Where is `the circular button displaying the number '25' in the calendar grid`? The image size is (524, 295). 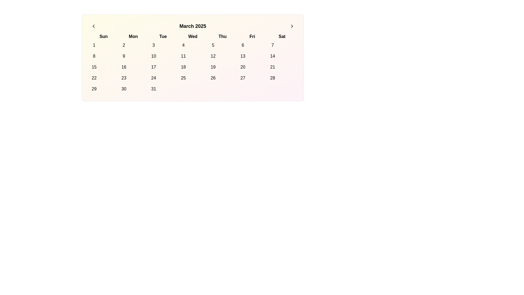
the circular button displaying the number '25' in the calendar grid is located at coordinates (183, 78).